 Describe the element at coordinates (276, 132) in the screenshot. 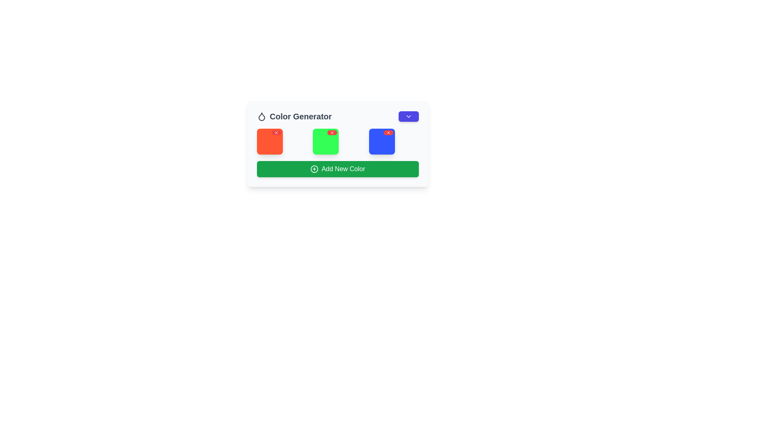

I see `the red 'x' icon located in the top-right corner of the leftmost red square box` at that location.